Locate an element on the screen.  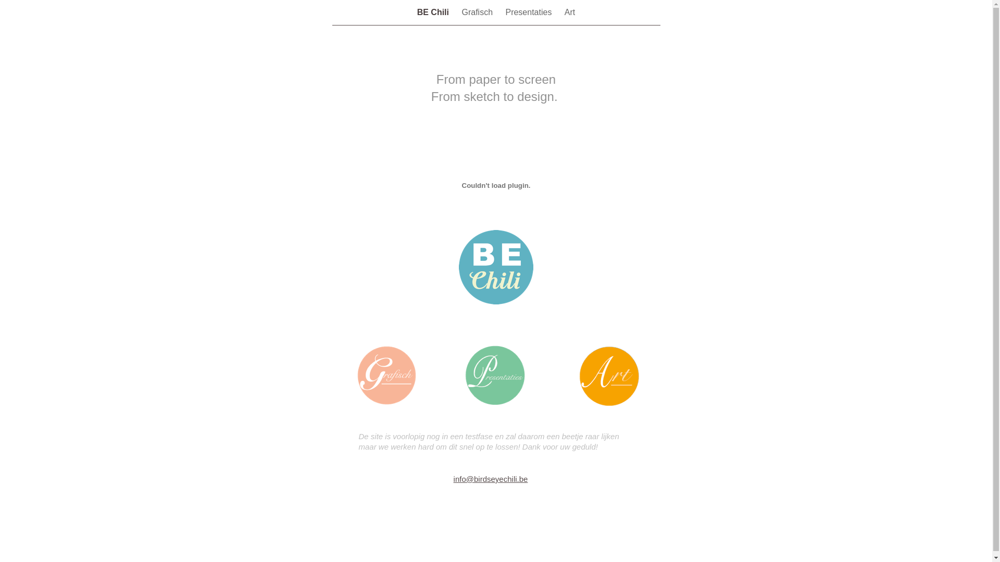
'BE Chili' is located at coordinates (417, 12).